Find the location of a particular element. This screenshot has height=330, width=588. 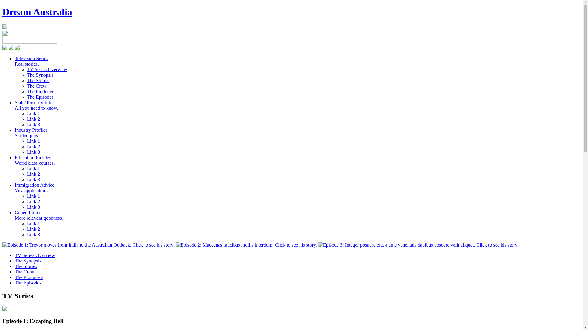

'Dream Australia' is located at coordinates (37, 12).